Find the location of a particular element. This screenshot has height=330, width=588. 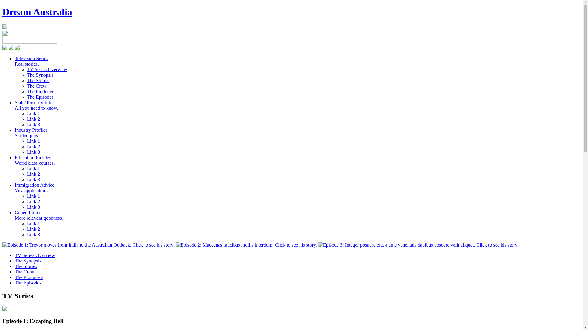

'Dream Australia' is located at coordinates (37, 12).